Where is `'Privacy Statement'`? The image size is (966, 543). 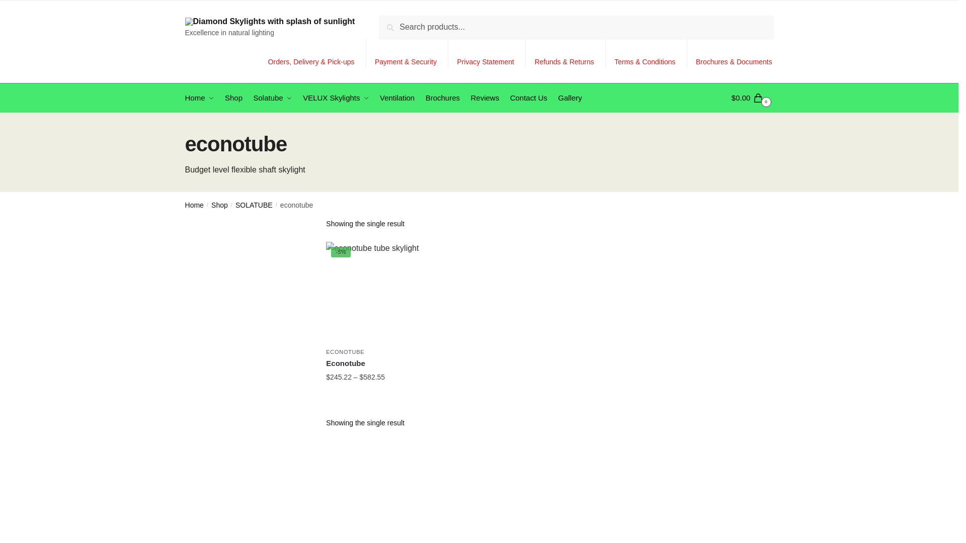 'Privacy Statement' is located at coordinates (485, 53).